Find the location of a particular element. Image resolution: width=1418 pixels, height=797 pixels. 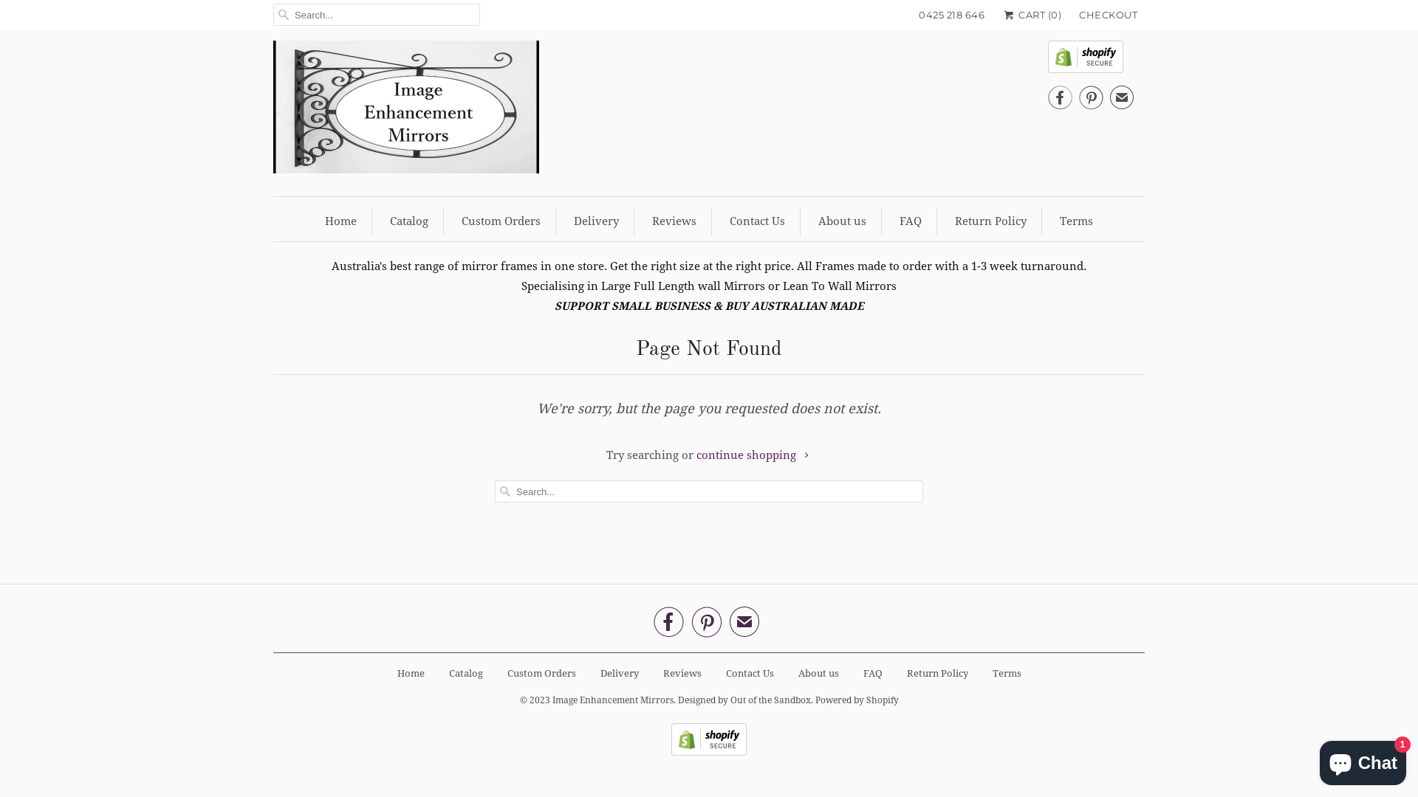

'Terms' is located at coordinates (1076, 221).